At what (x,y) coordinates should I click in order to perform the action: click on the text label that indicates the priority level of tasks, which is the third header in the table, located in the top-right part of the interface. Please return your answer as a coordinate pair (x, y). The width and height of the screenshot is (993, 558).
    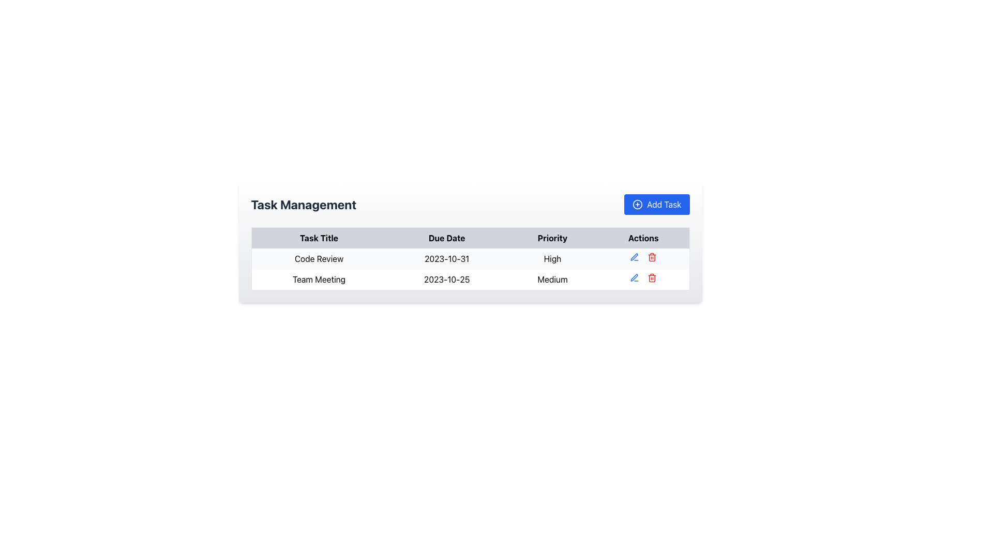
    Looking at the image, I should click on (552, 238).